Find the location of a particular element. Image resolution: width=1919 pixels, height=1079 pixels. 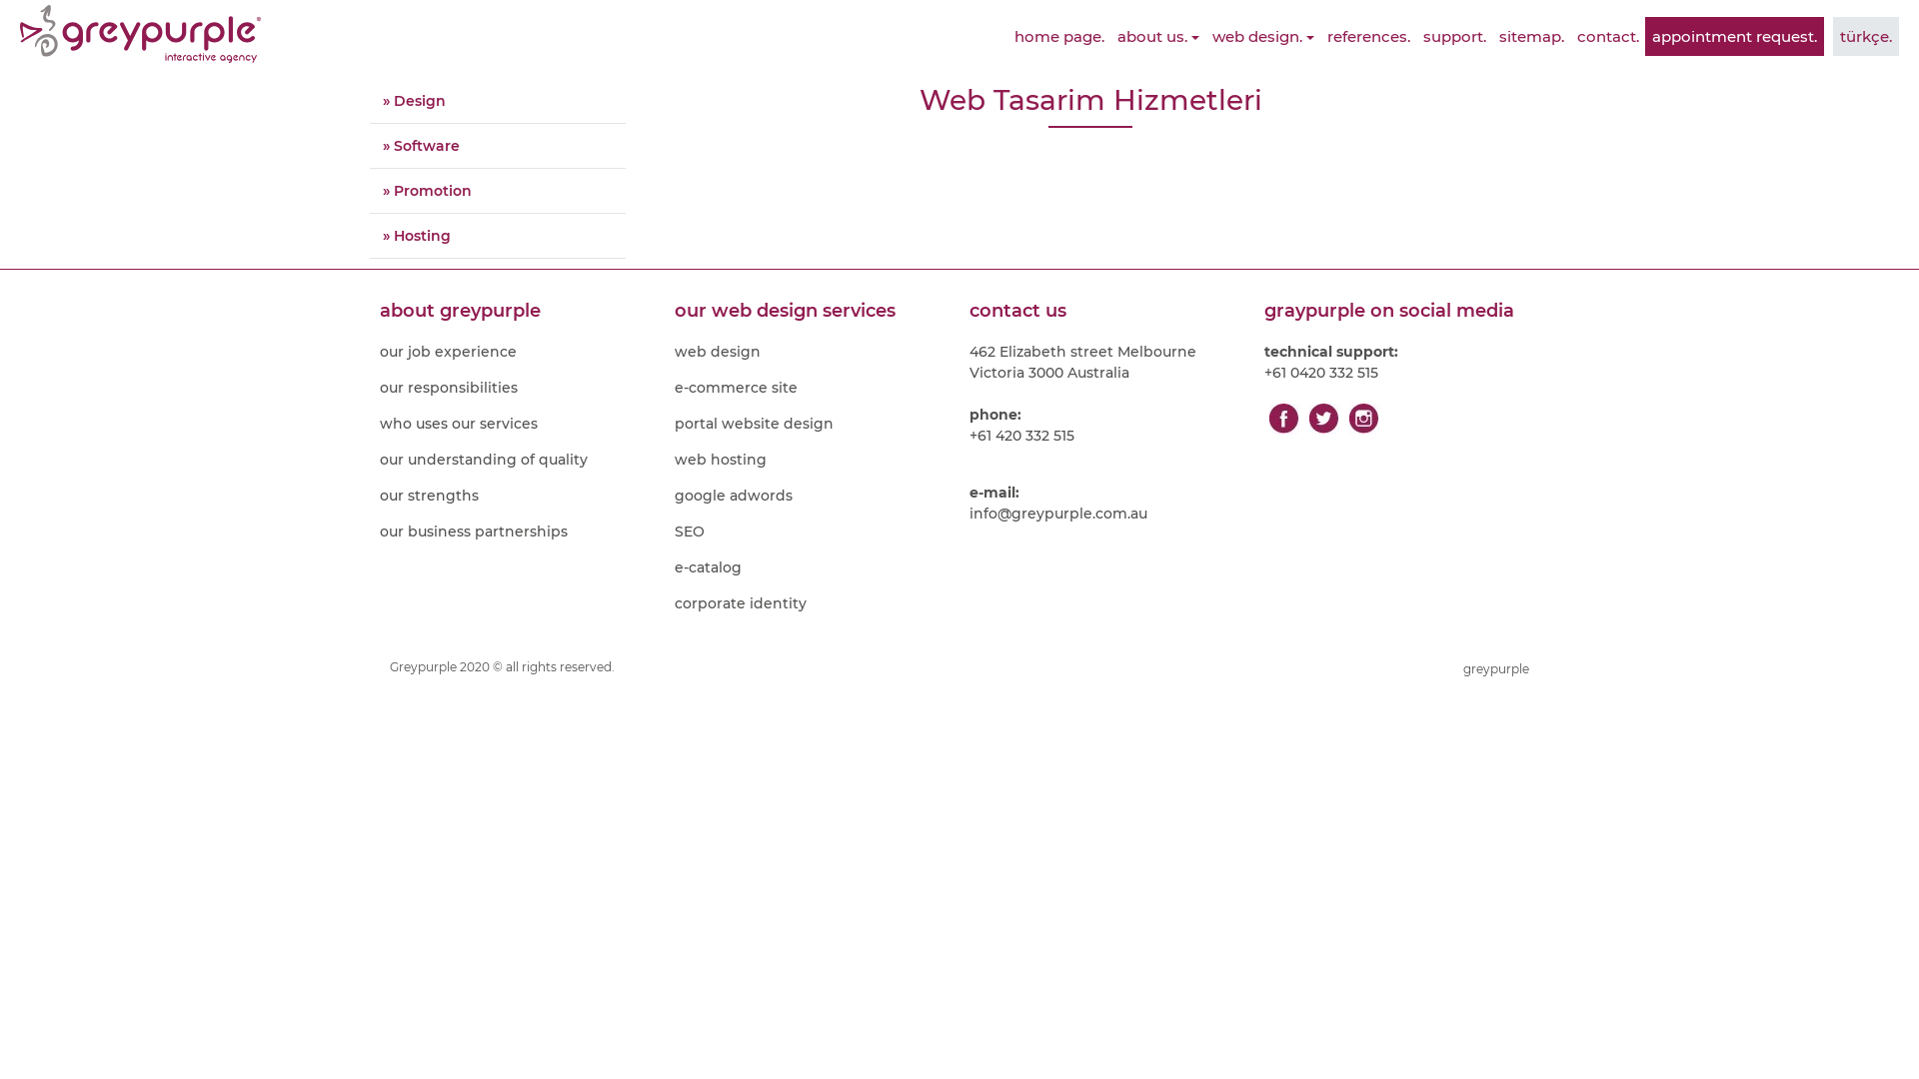

'our strengths' is located at coordinates (379, 495).